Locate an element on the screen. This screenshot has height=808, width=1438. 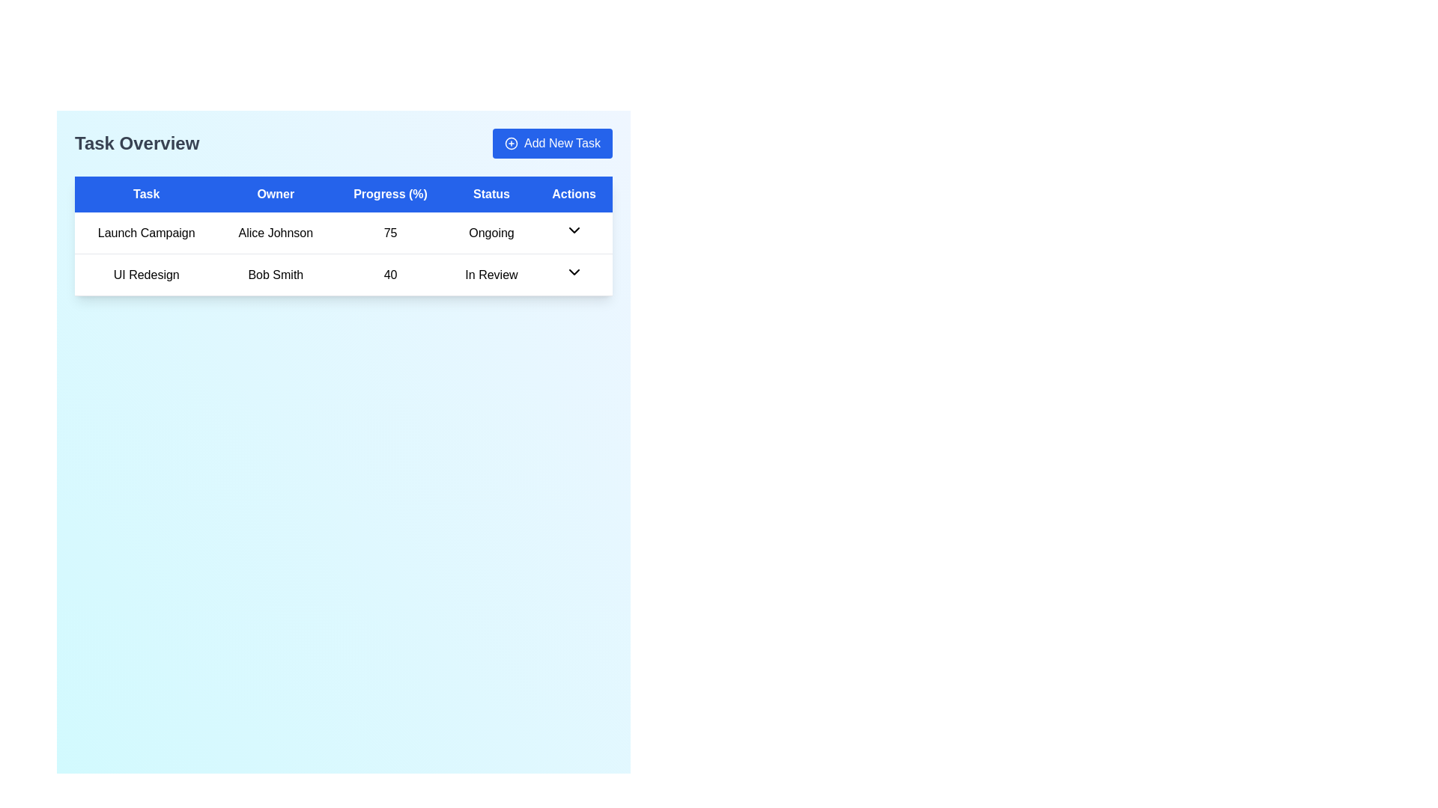
the Dropdown toggle icon located in the 'Actions' column of the table for the 'Launch Campaign' task is located at coordinates (573, 230).